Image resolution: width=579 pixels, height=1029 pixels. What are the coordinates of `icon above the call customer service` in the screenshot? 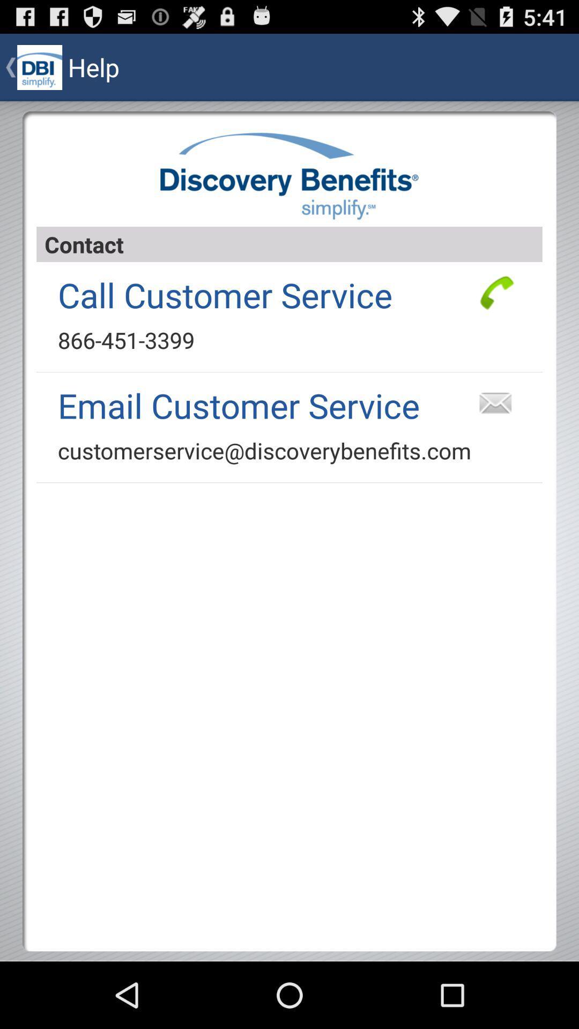 It's located at (289, 244).